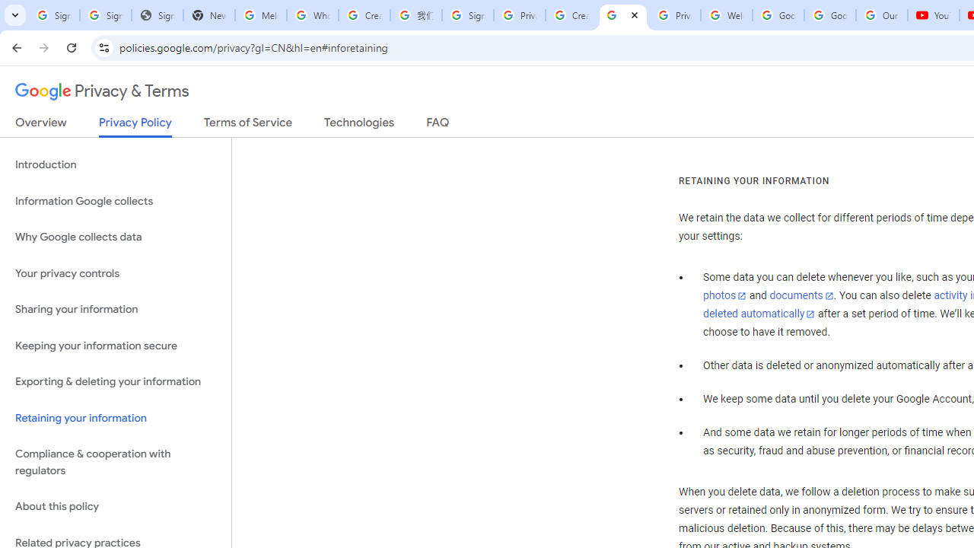  I want to click on 'Google Account', so click(829, 15).